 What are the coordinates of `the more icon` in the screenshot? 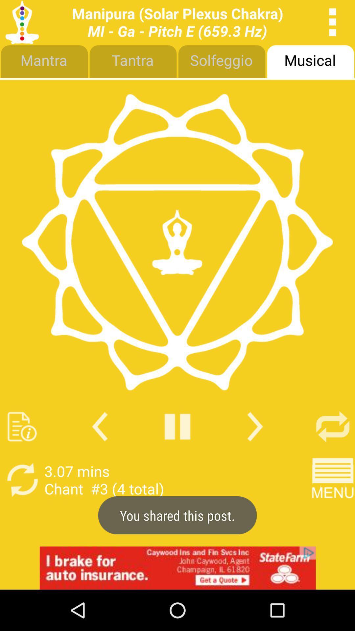 It's located at (333, 24).